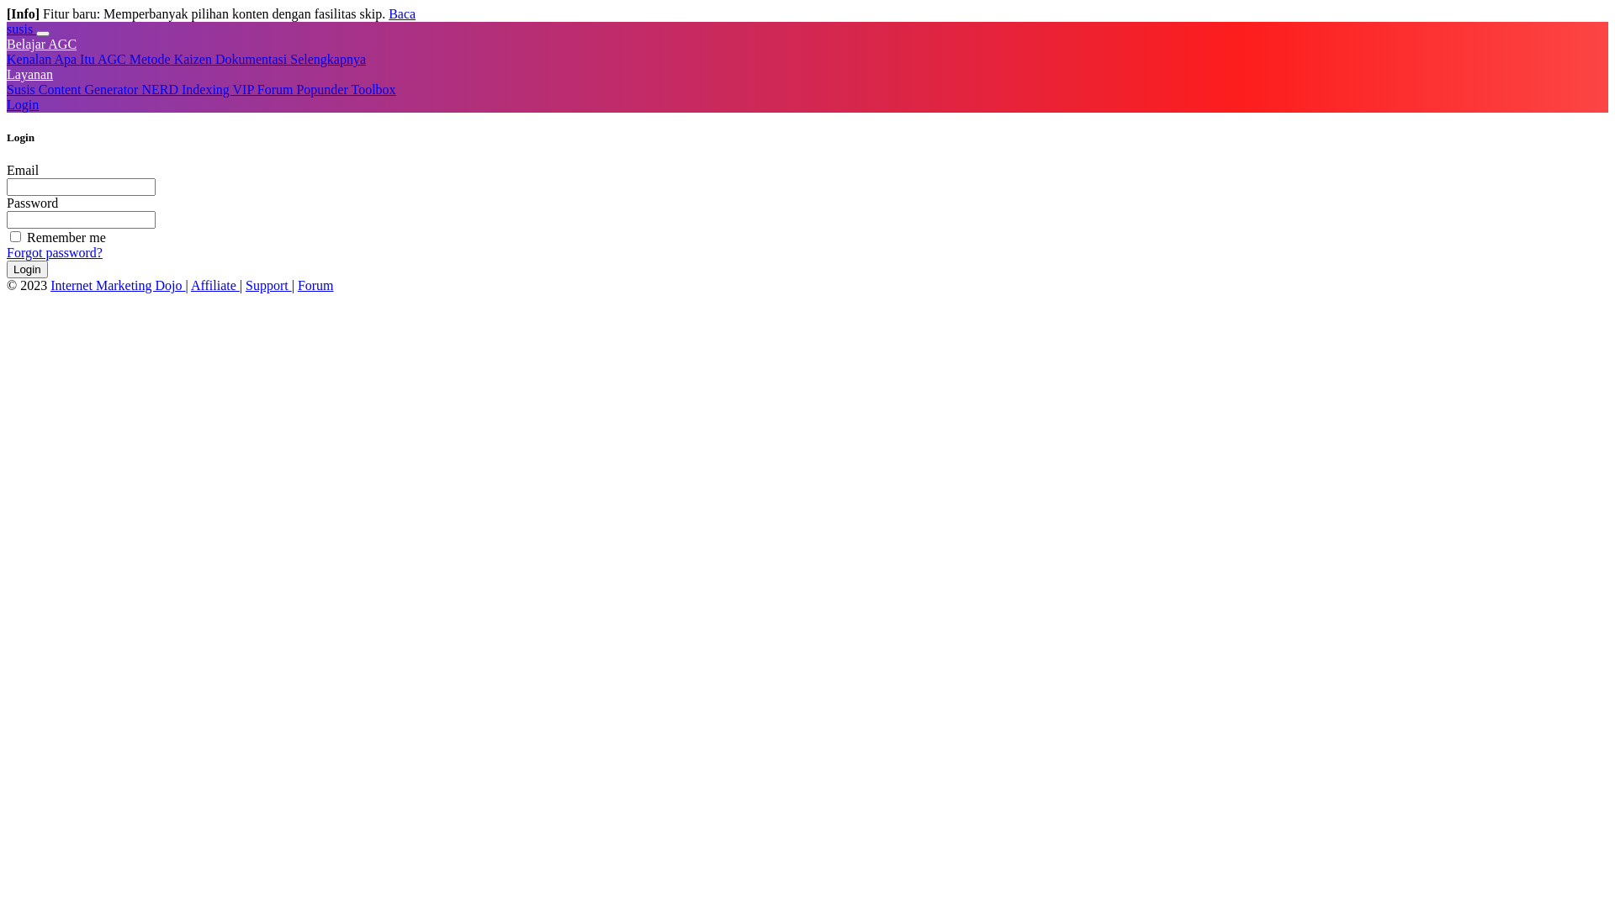  I want to click on 'Selengkapnya', so click(290, 58).